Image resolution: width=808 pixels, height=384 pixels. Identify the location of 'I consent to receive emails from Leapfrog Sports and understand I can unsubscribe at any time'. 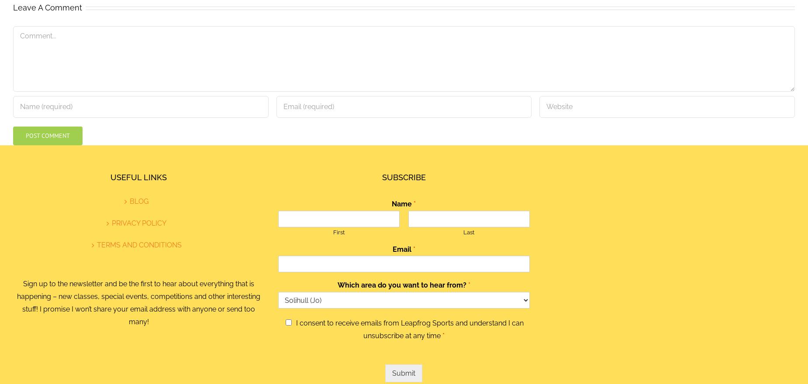
(409, 329).